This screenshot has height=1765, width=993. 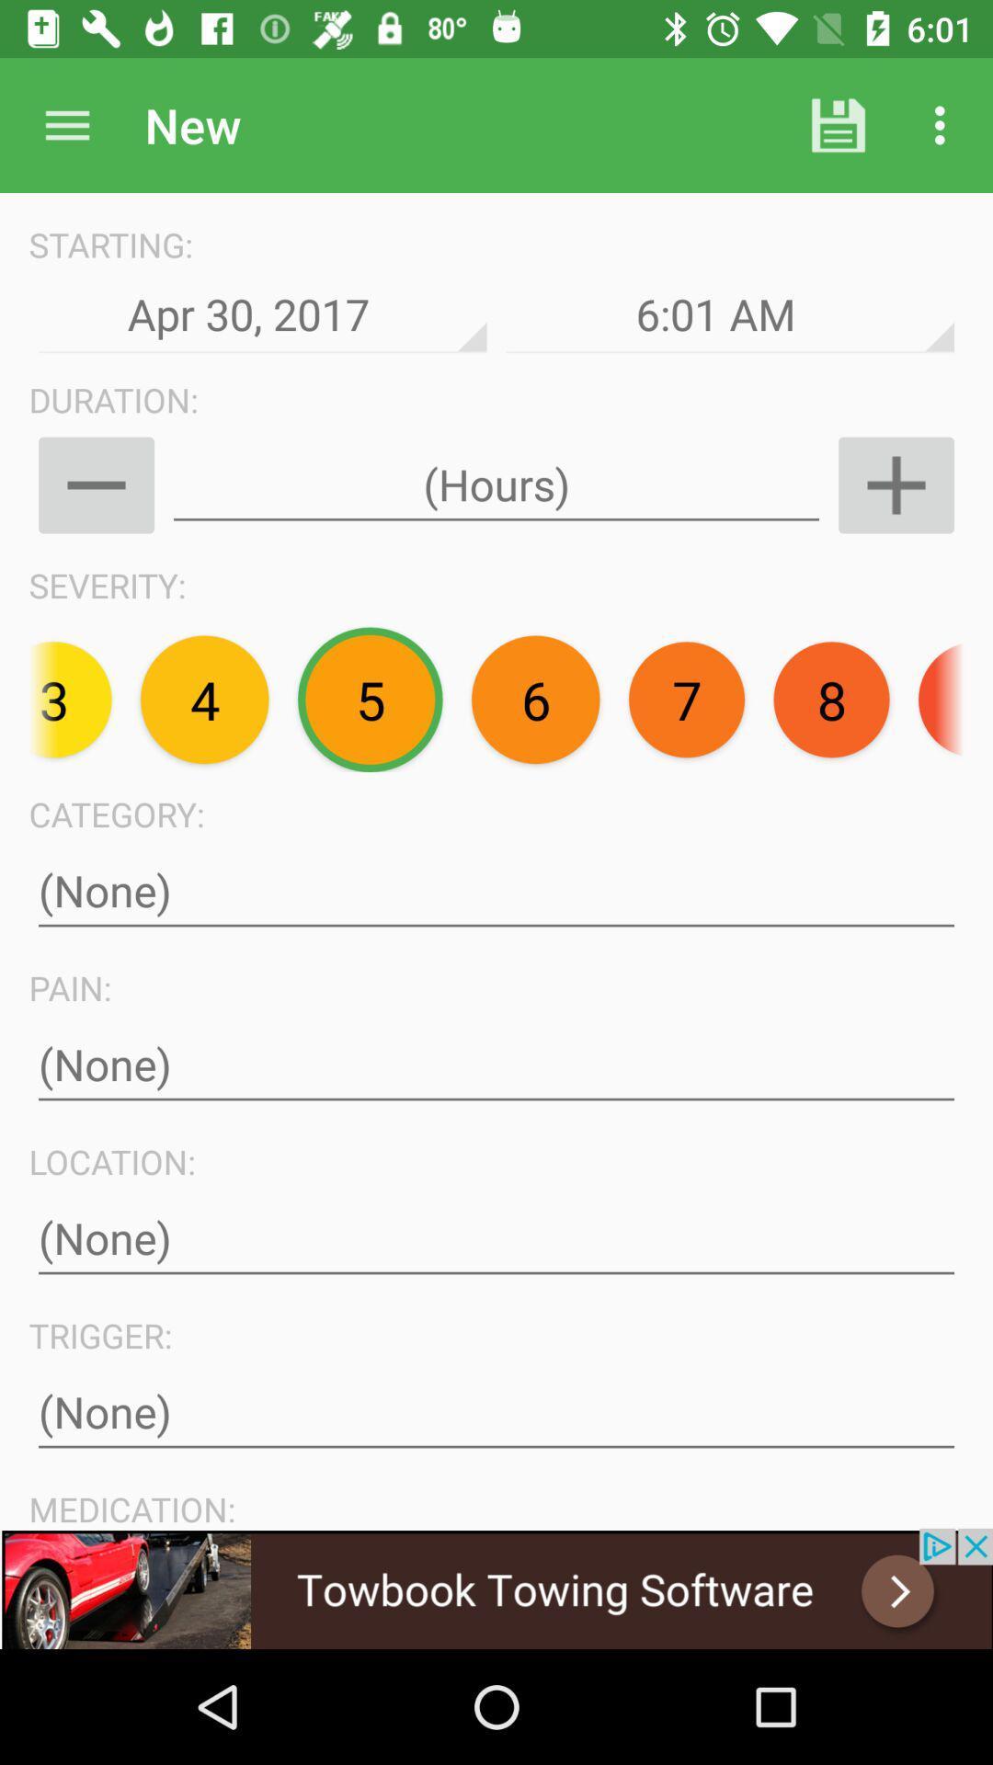 What do you see at coordinates (838, 125) in the screenshot?
I see `the icon left to the three dots from top right corner` at bounding box center [838, 125].